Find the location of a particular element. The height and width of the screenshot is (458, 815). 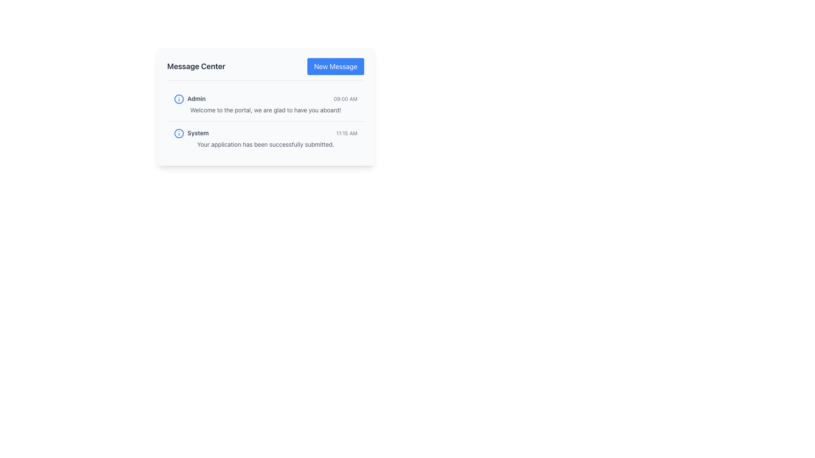

the text label displaying 'Admin' for accessibility purposes is located at coordinates (189, 99).